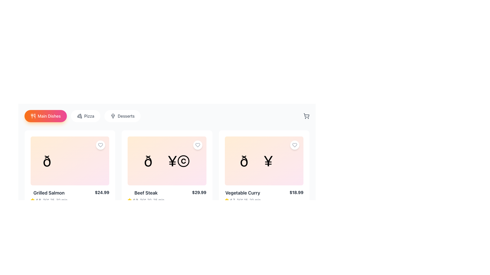 The width and height of the screenshot is (490, 275). What do you see at coordinates (49, 193) in the screenshot?
I see `the text label element displaying 'Grilled Salmon', which is styled in bold and dark gray, located at the bottom of the dish card` at bounding box center [49, 193].